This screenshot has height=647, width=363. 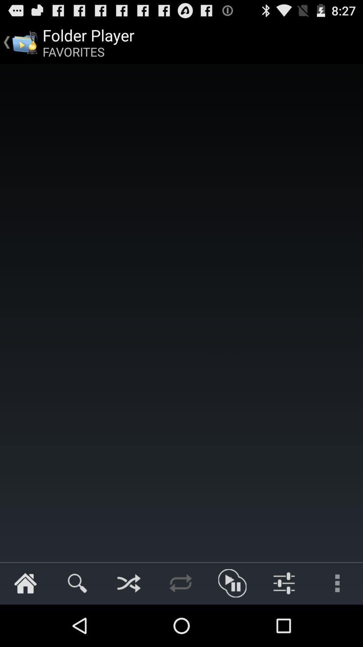 What do you see at coordinates (182, 312) in the screenshot?
I see `the item below the favorites` at bounding box center [182, 312].